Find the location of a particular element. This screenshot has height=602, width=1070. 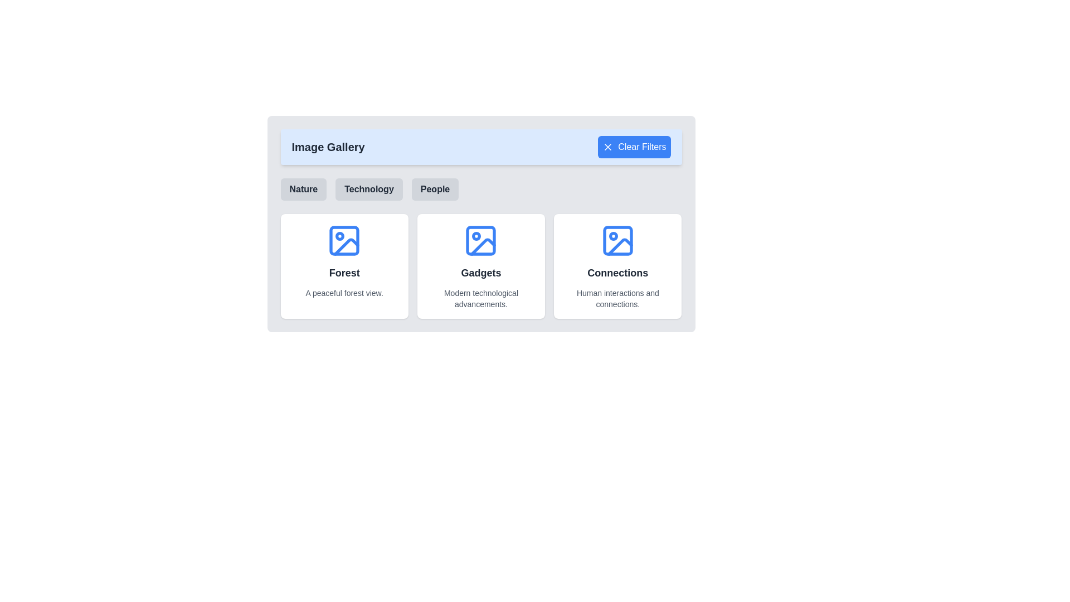

the text label displaying 'Modern technological advancements.' which is located below the title 'Gadgets' in the 'Gadgets' card is located at coordinates (481, 298).